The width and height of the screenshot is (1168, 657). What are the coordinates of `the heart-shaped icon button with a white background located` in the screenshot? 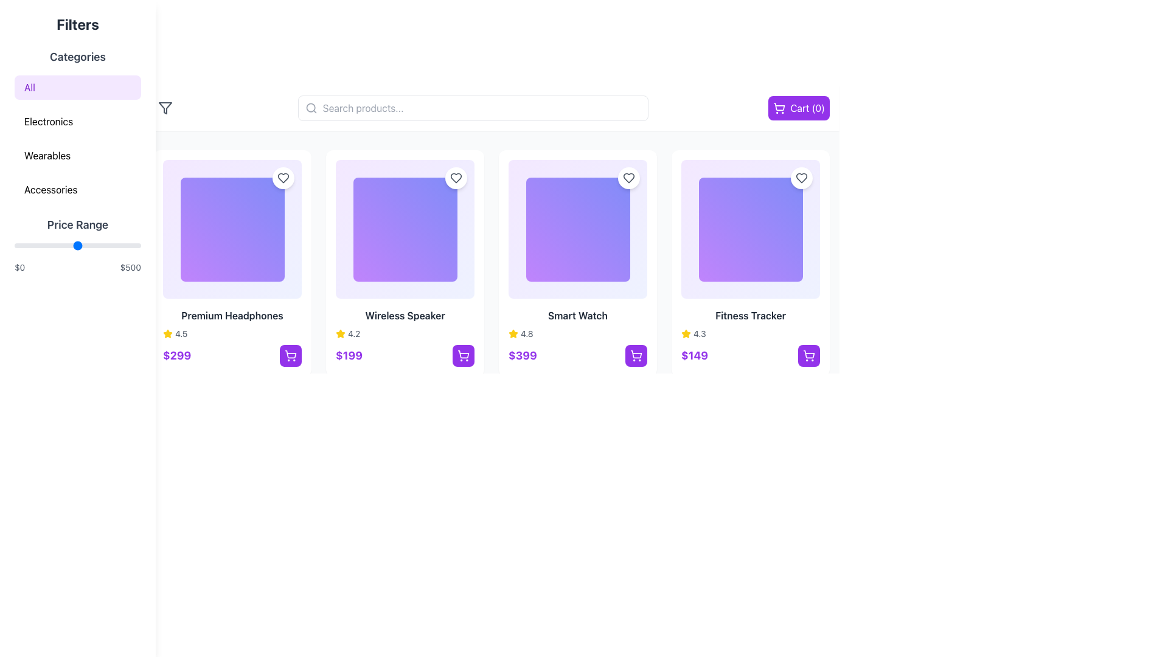 It's located at (802, 178).